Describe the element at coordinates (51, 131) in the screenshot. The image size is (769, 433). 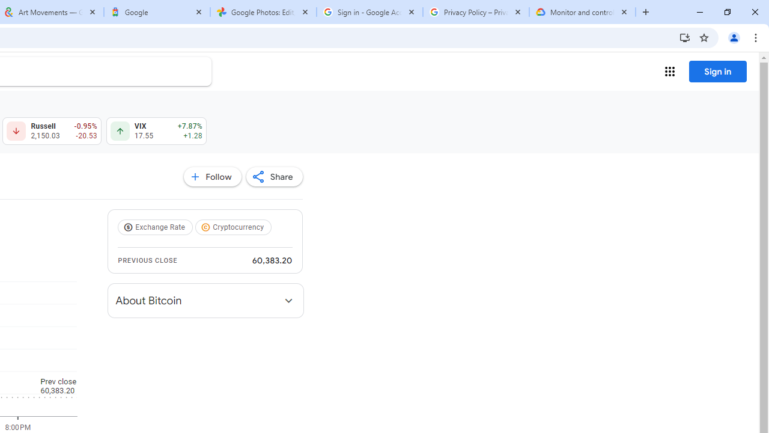
I see `'Russell 2,150.03 Down by 0.95% -20.53'` at that location.